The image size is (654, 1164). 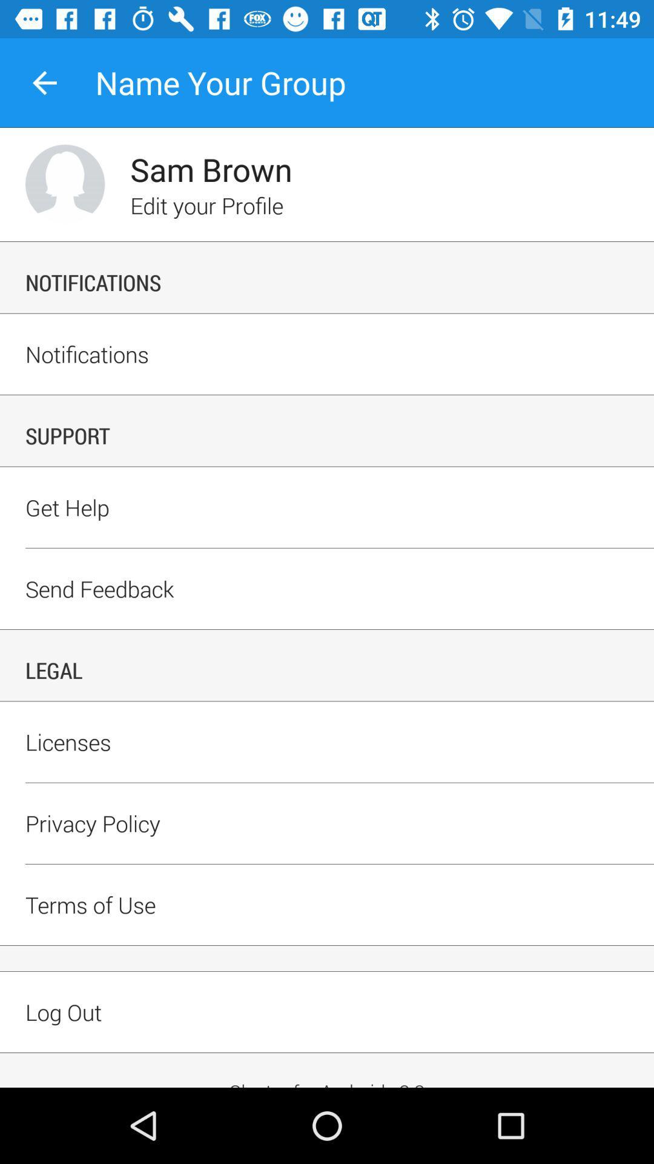 I want to click on log out, so click(x=327, y=1032).